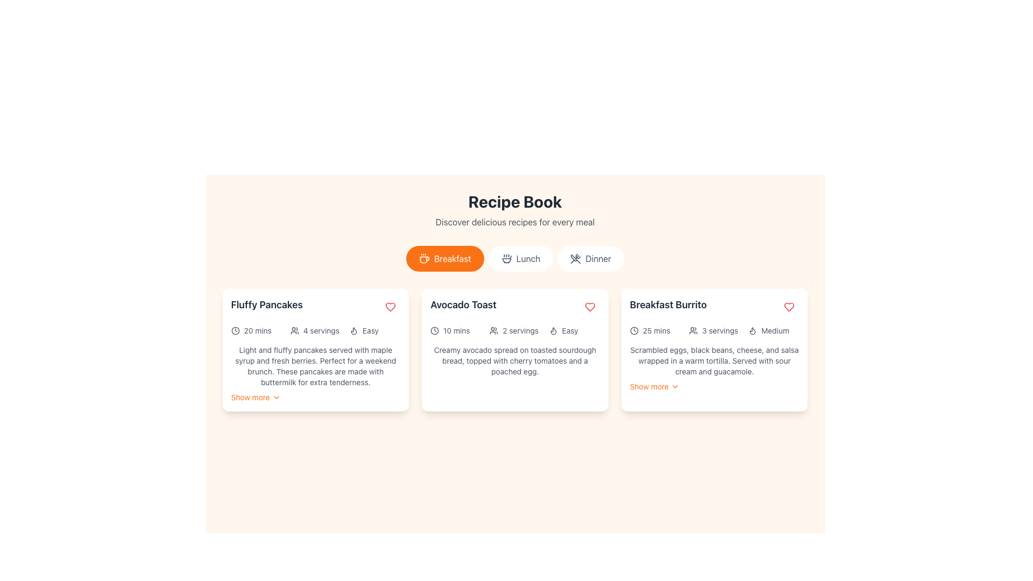 This screenshot has width=1033, height=581. Describe the element at coordinates (720, 330) in the screenshot. I see `the '3 servings' text label, which is styled in a small gray font and located within the 'Breakfast Burrito' card, positioned between a user icon and the difficulty indicator 'Medium'` at that location.